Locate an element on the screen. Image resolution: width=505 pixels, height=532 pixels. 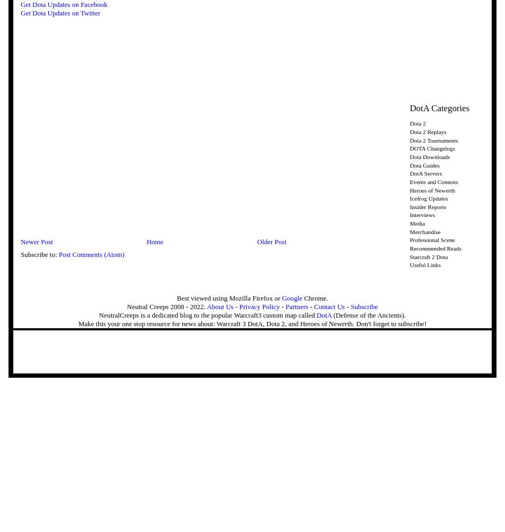
'Older Post' is located at coordinates (272, 241).